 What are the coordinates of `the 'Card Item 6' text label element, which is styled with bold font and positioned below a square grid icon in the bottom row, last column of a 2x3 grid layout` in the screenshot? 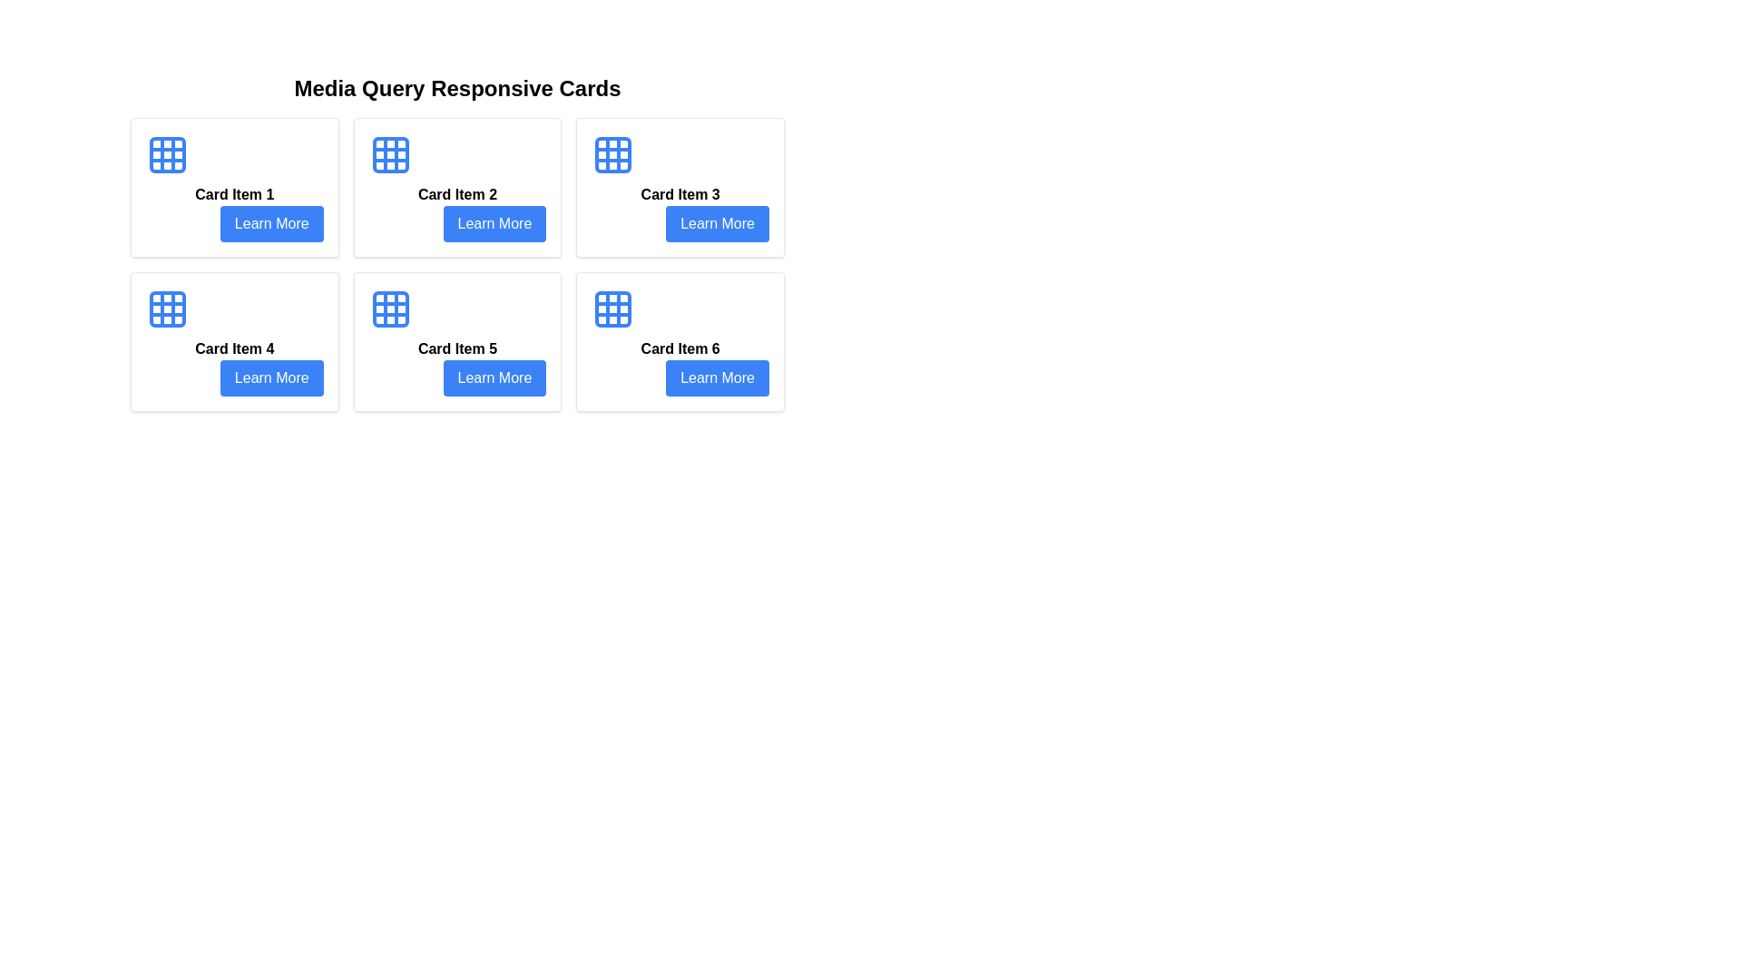 It's located at (680, 349).